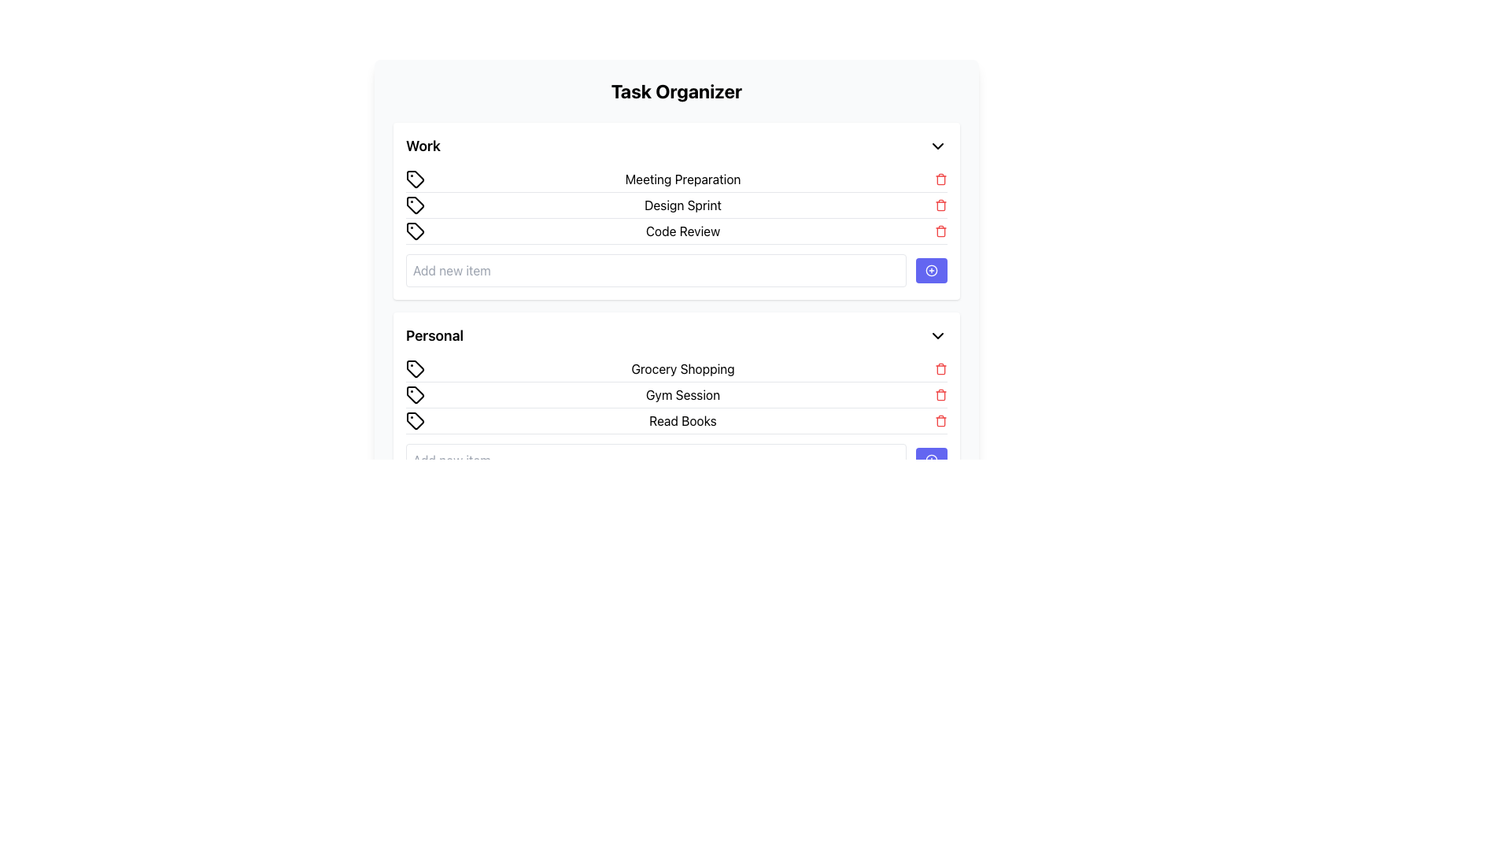 This screenshot has width=1511, height=850. What do you see at coordinates (416, 420) in the screenshot?
I see `the tag icon located at the third position in the 'Personal' category, which has a rounded rectangular shape and a small filled circle` at bounding box center [416, 420].